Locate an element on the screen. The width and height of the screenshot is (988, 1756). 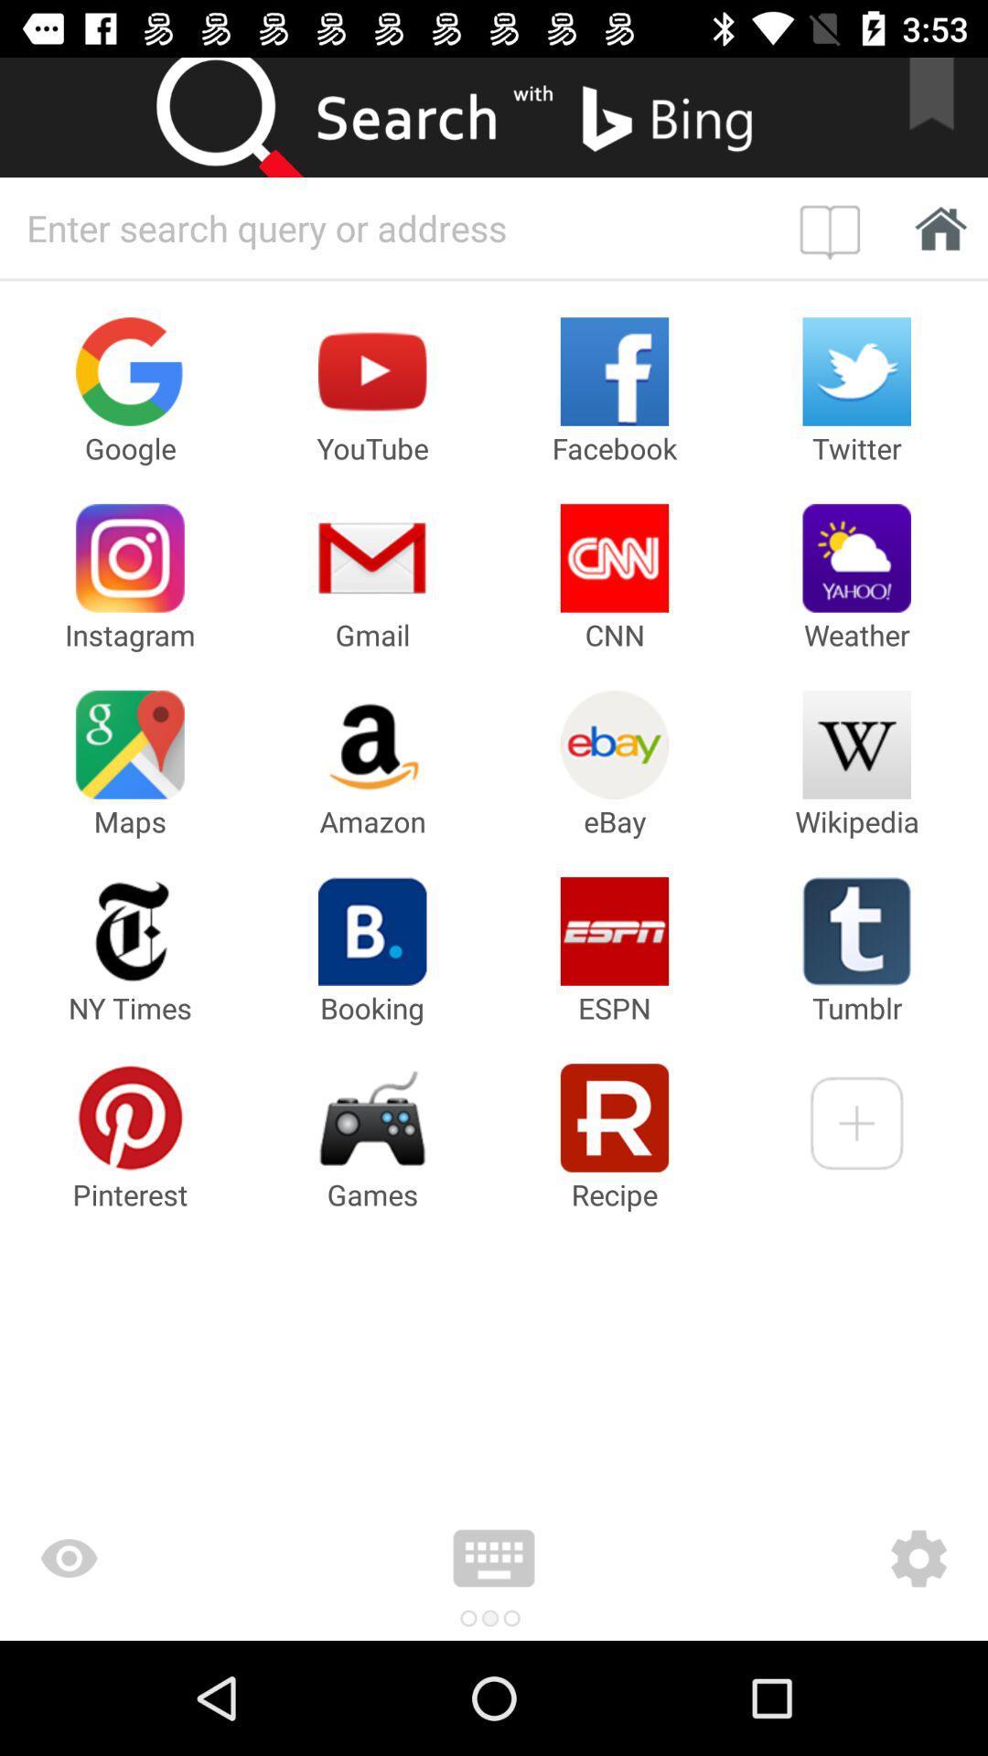
search button is located at coordinates (247, 116).